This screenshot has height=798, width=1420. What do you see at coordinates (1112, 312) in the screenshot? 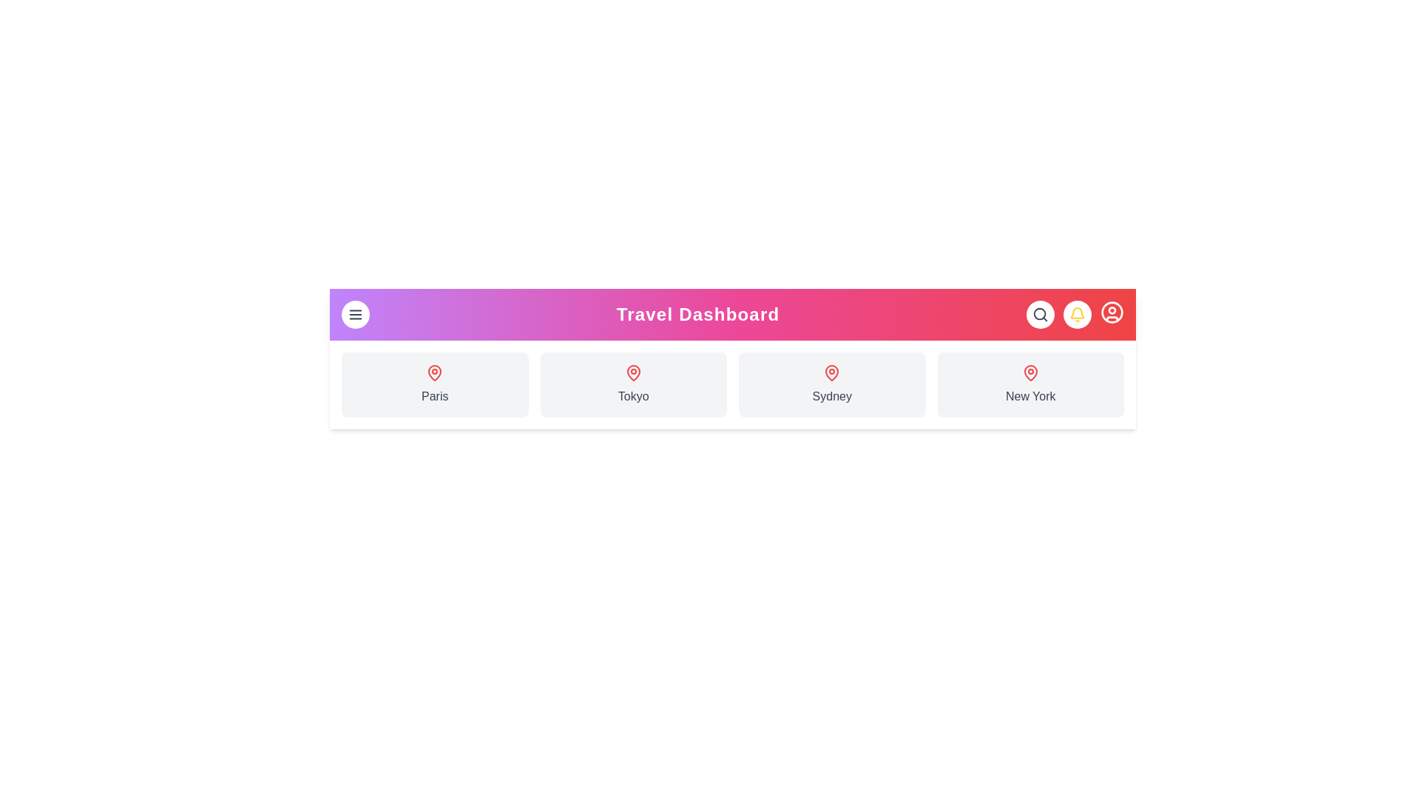
I see `the user profile icon to open the user menu` at bounding box center [1112, 312].